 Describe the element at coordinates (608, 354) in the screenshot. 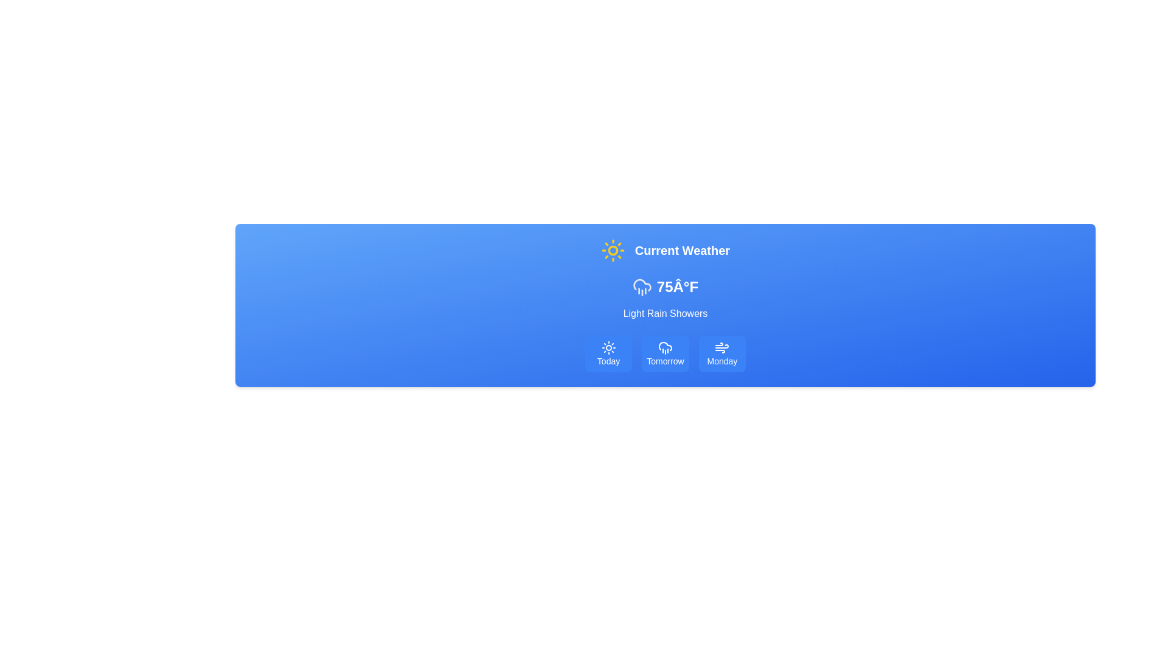

I see `the 'Today' button with a blue background and white sun icon, located to the left of 'Tomorrow' and 'Monday'` at that location.